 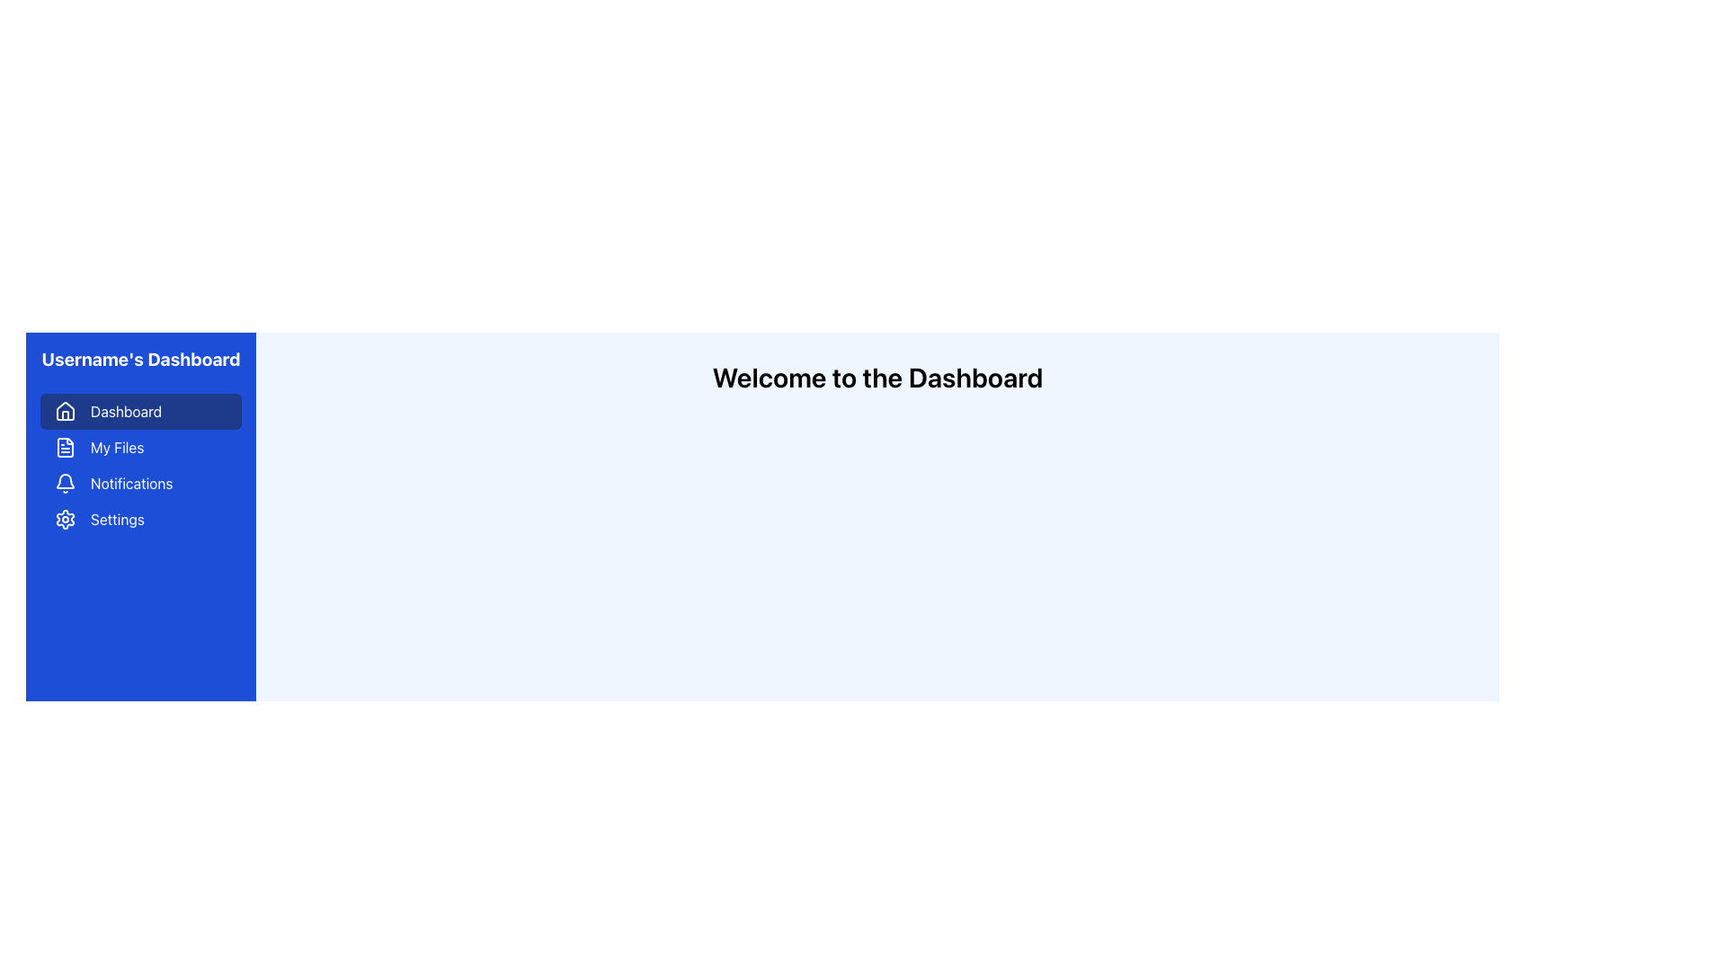 I want to click on the text label that greets the user on the dashboard page, located centrally in the right section of the interface just beneath the blue sidebar, so click(x=877, y=377).